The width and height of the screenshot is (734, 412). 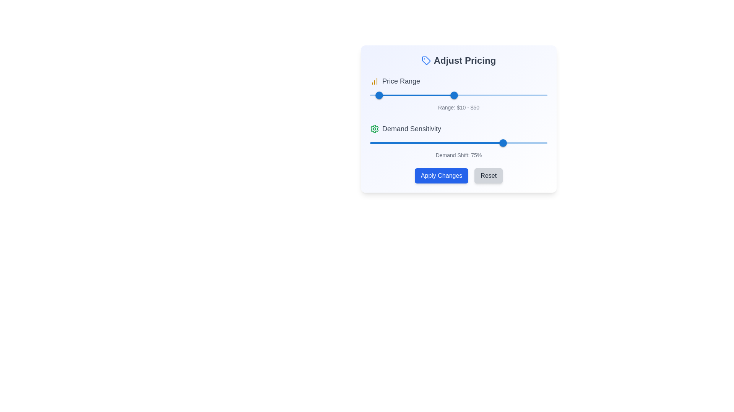 I want to click on the red slider rail located in the 'Demand Sensitivity' section, which is positioned above the slider's track and thumb of the second slider component, so click(x=459, y=143).